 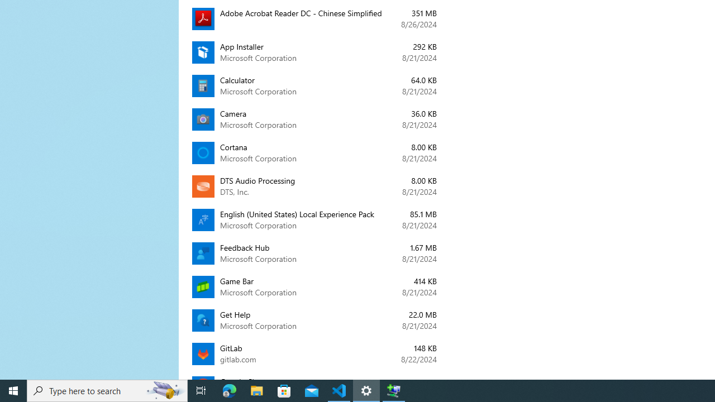 I want to click on 'Search highlights icon opens search home window', so click(x=164, y=390).